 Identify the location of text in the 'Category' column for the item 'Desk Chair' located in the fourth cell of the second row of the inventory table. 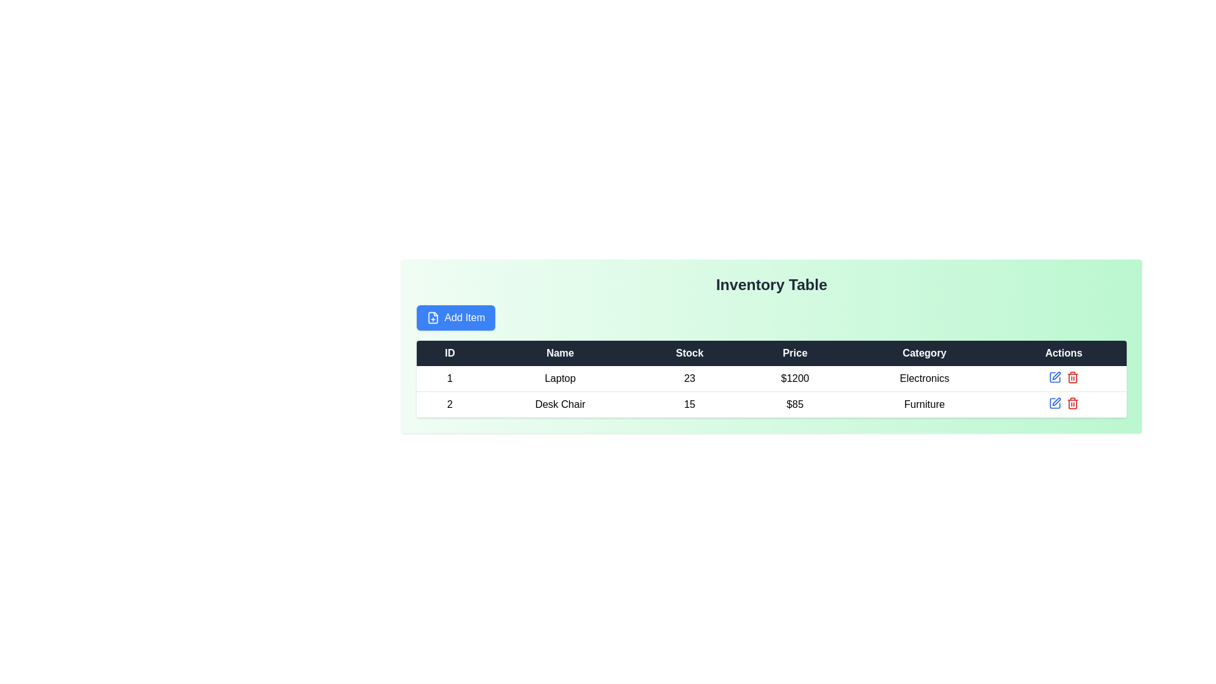
(924, 405).